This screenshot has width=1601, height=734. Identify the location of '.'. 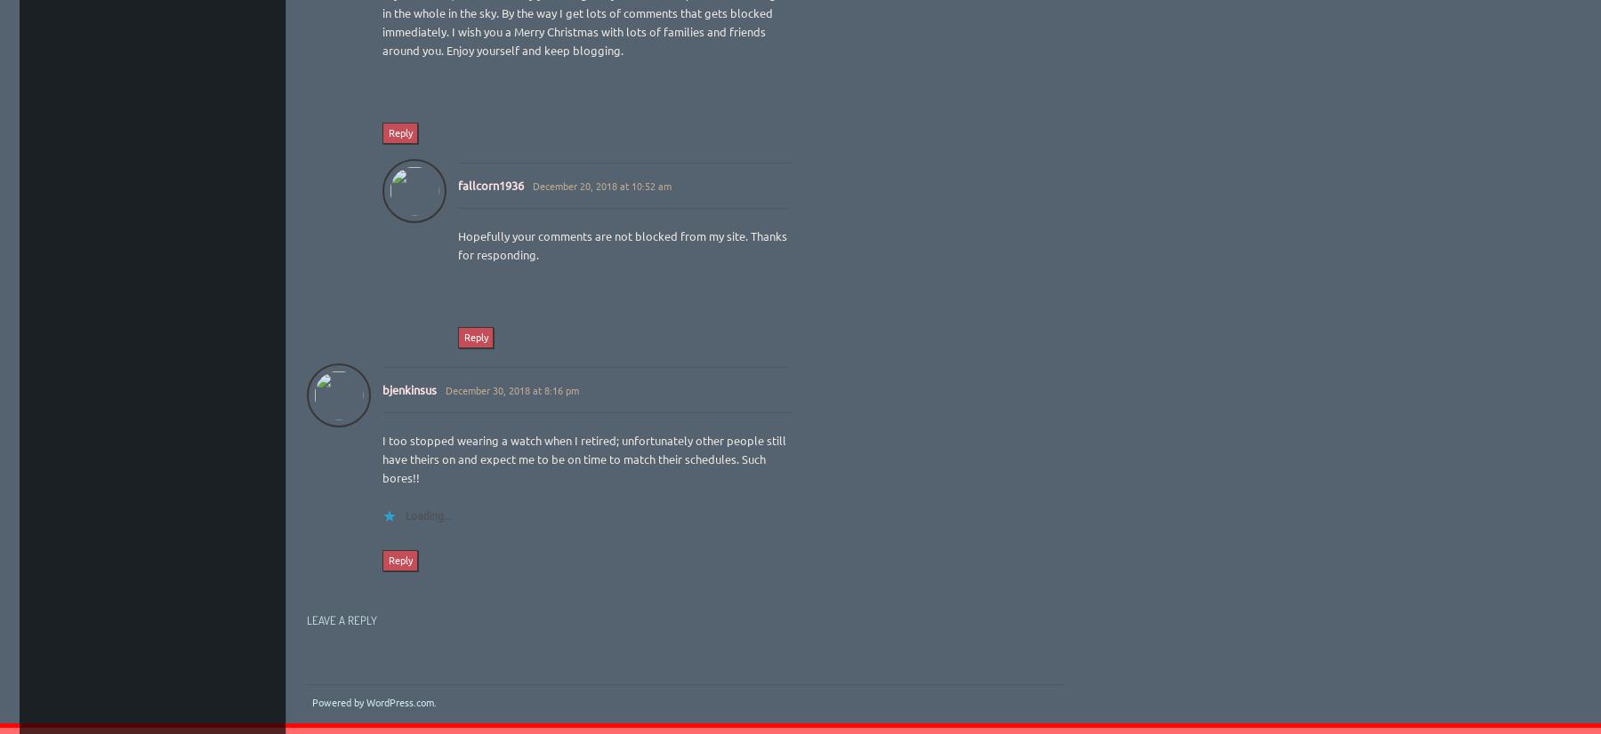
(433, 701).